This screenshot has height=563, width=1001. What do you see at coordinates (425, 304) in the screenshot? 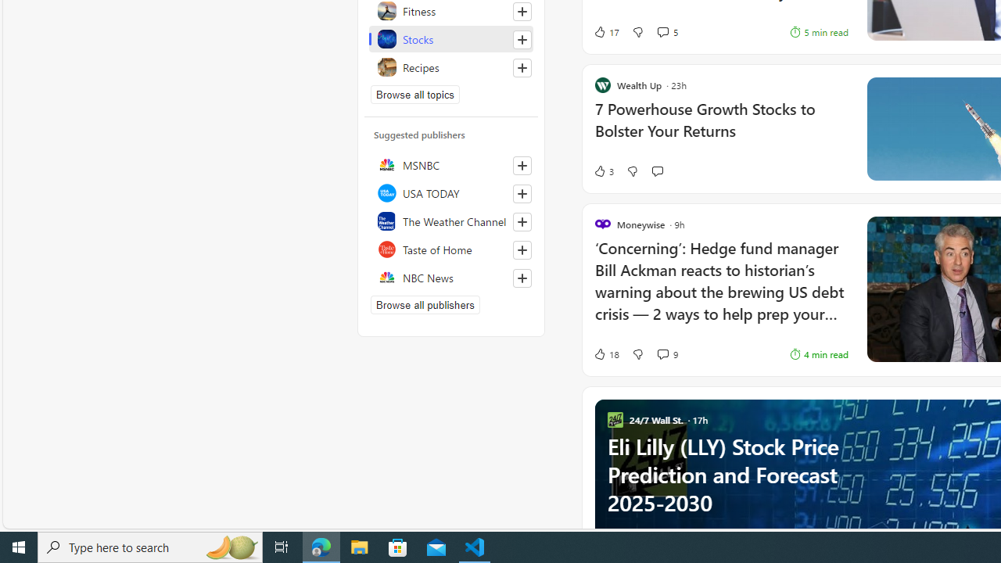
I see `'Browse all publishers'` at bounding box center [425, 304].